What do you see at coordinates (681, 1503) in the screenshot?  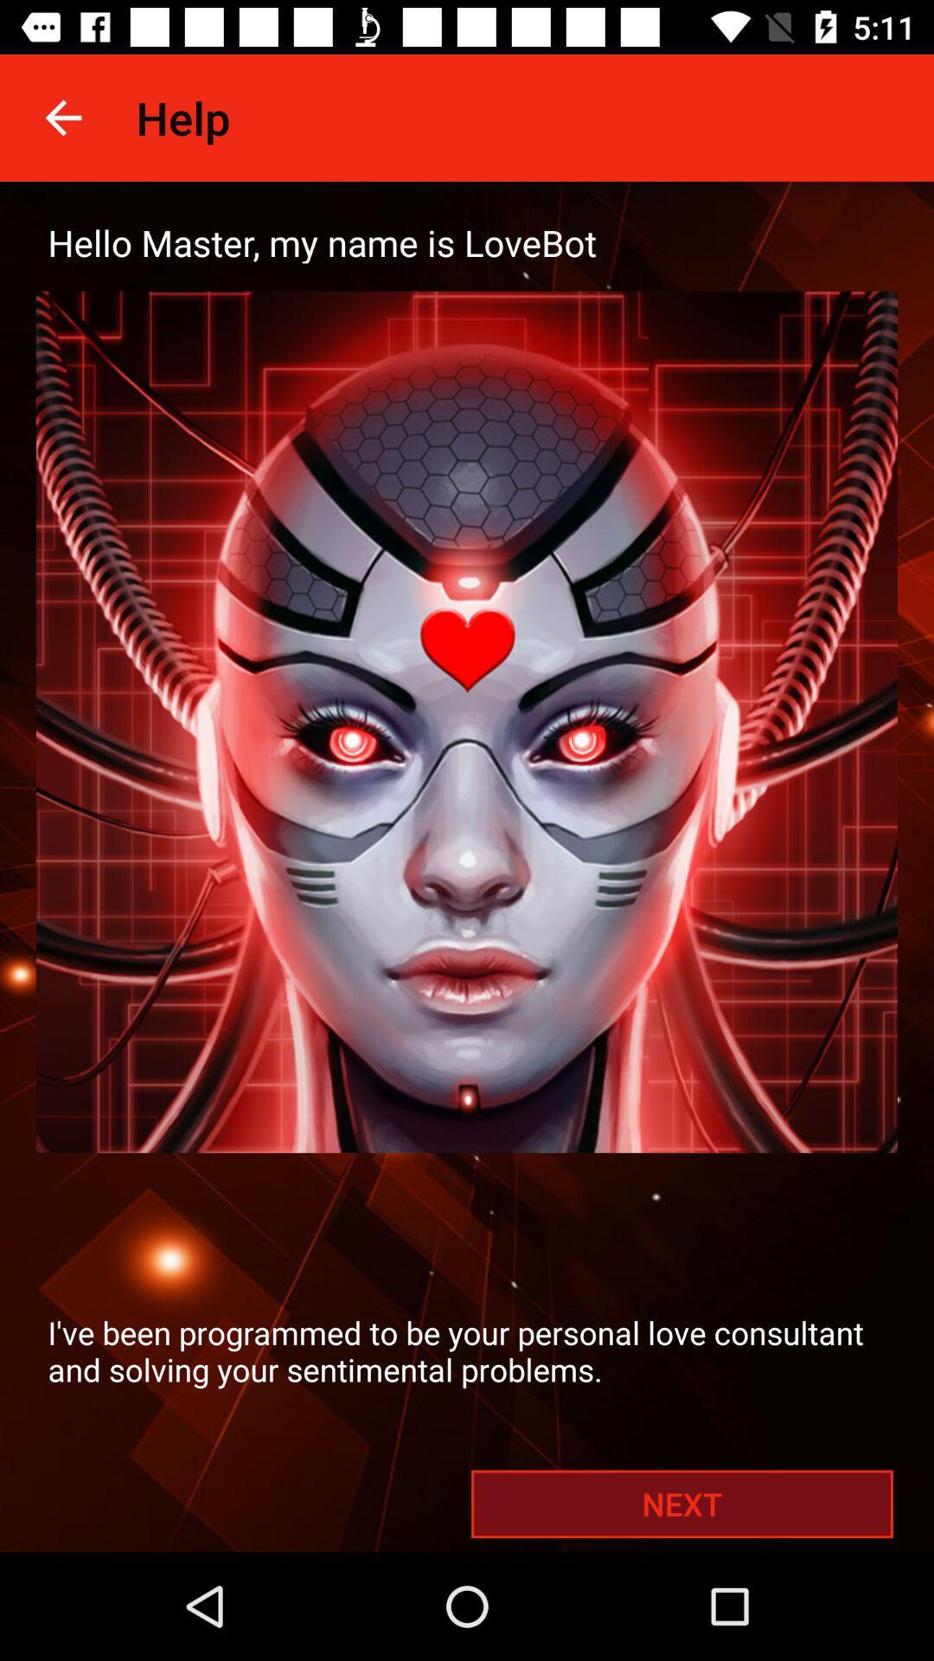 I see `next icon` at bounding box center [681, 1503].